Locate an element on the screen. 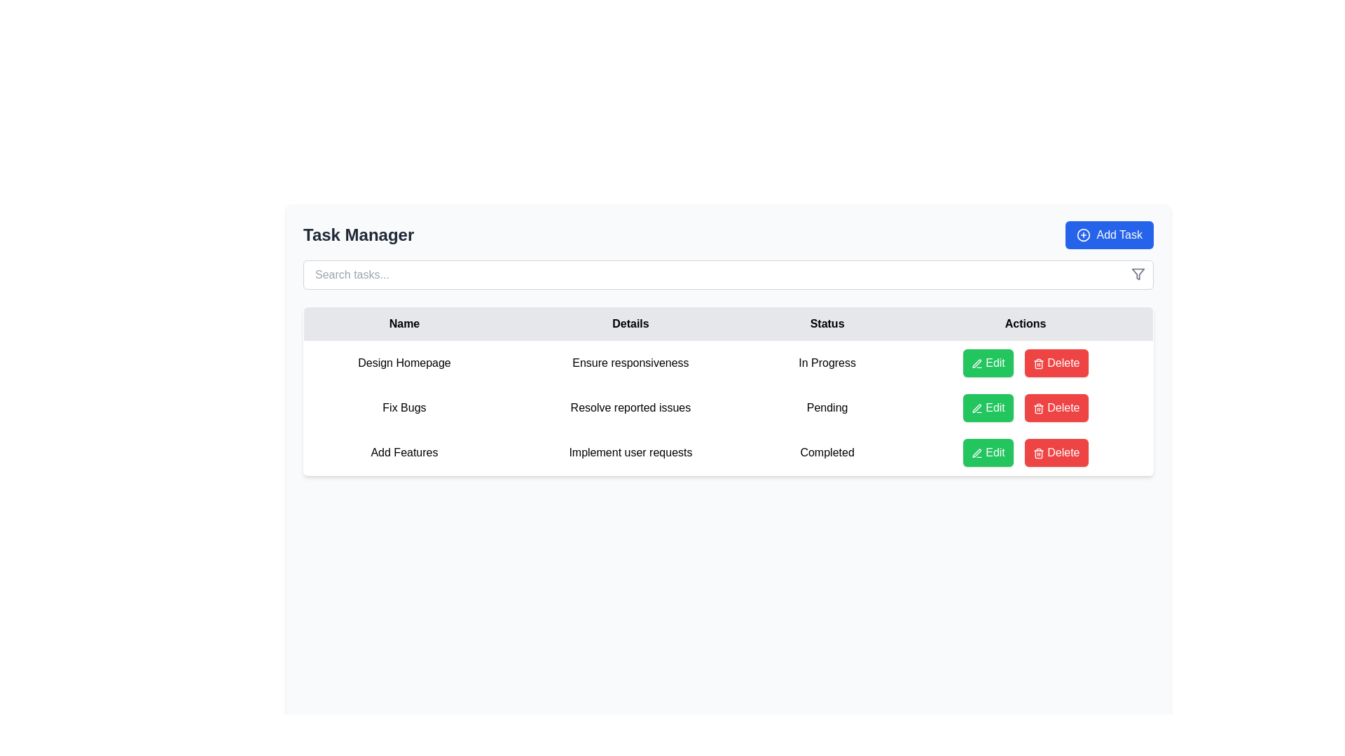  the edit button located in the 'Actions' column of the second row in the table, which is directly to the left of the red 'Delete' button is located at coordinates (987, 407).